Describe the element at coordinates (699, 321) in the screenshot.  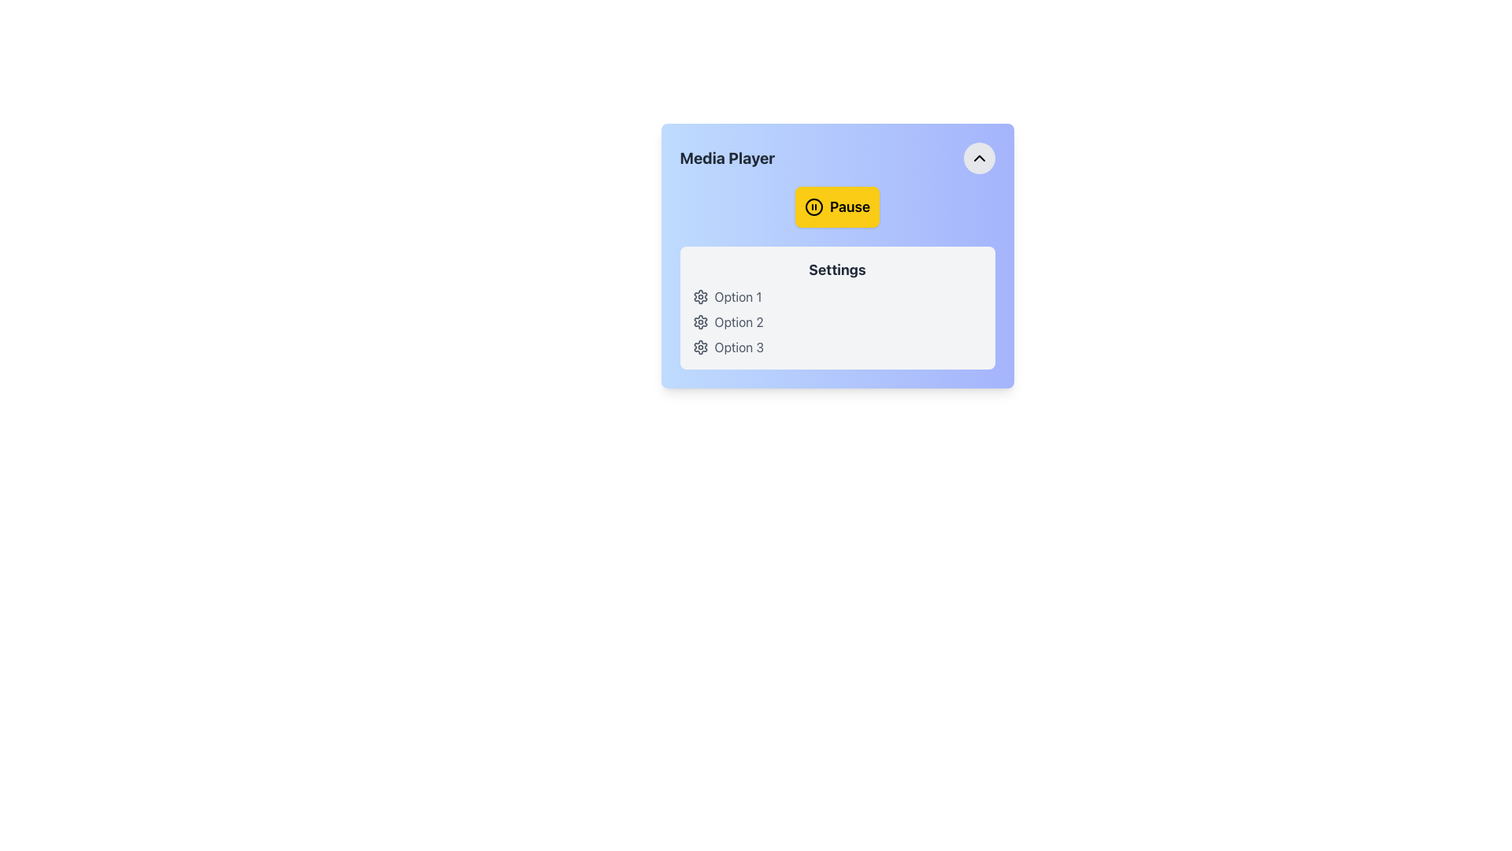
I see `the settings icon representing 'Option 2', which is located to the left of the text 'Option 2' in the vertical list under the 'Settings' section` at that location.